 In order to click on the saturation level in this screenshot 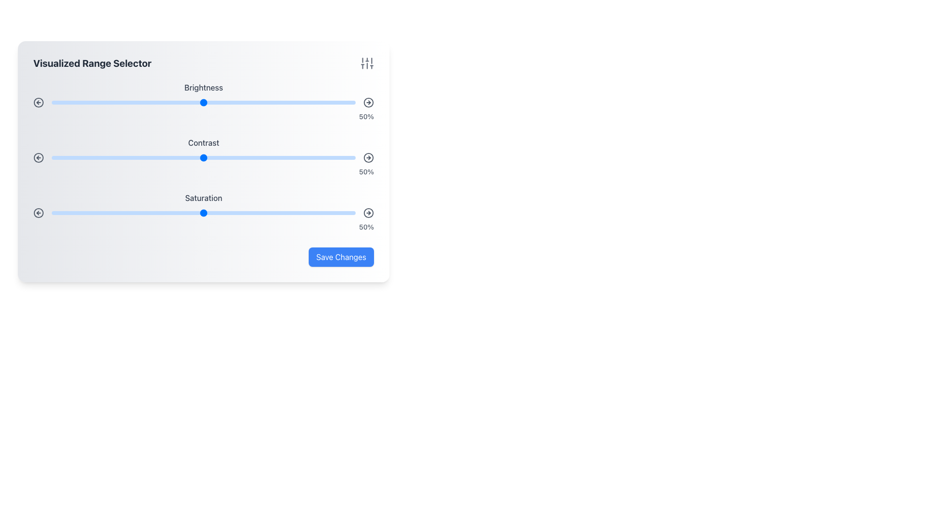, I will do `click(209, 212)`.